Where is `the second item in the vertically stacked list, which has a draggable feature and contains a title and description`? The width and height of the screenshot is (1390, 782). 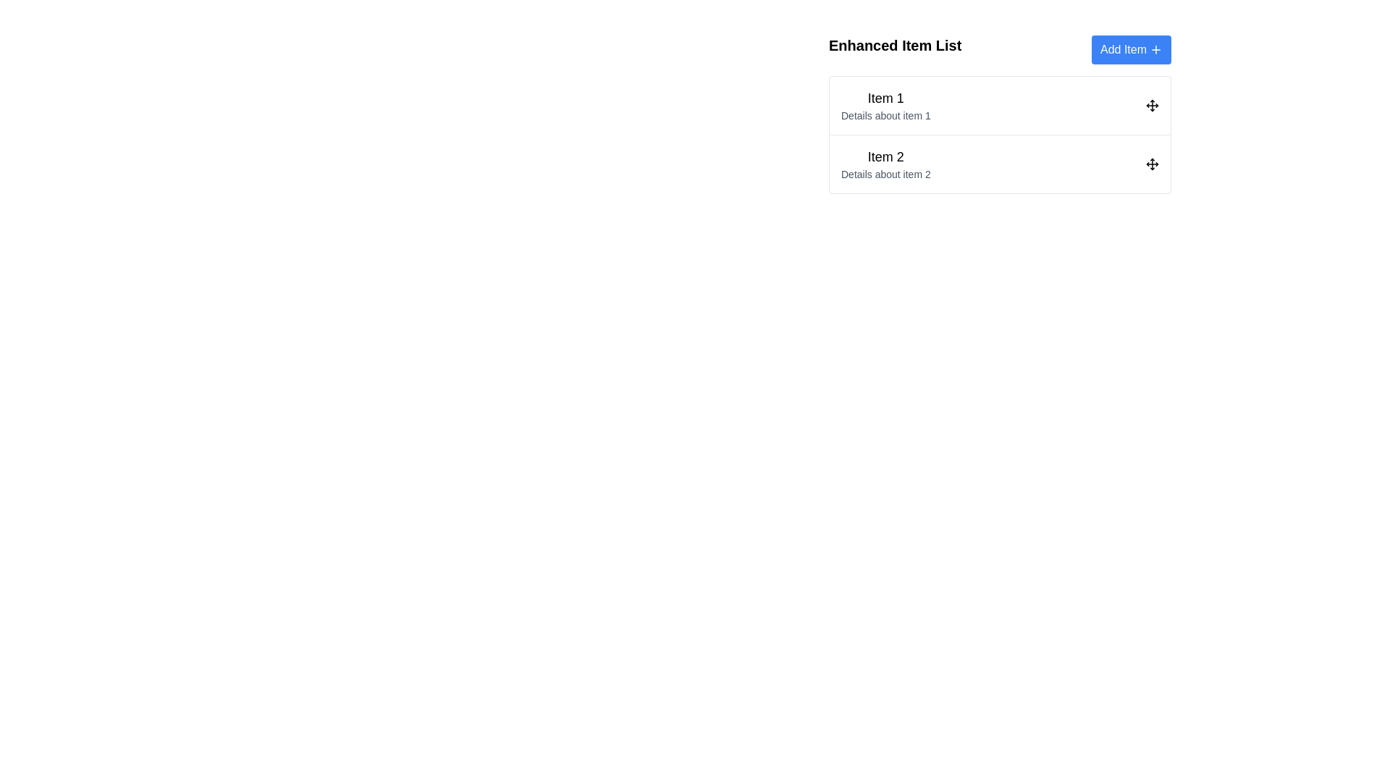 the second item in the vertically stacked list, which has a draggable feature and contains a title and description is located at coordinates (999, 163).